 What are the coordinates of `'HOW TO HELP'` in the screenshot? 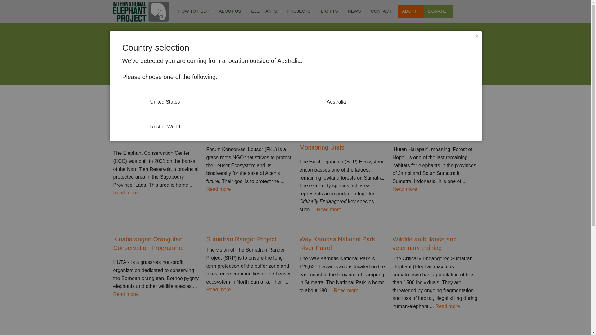 It's located at (194, 11).